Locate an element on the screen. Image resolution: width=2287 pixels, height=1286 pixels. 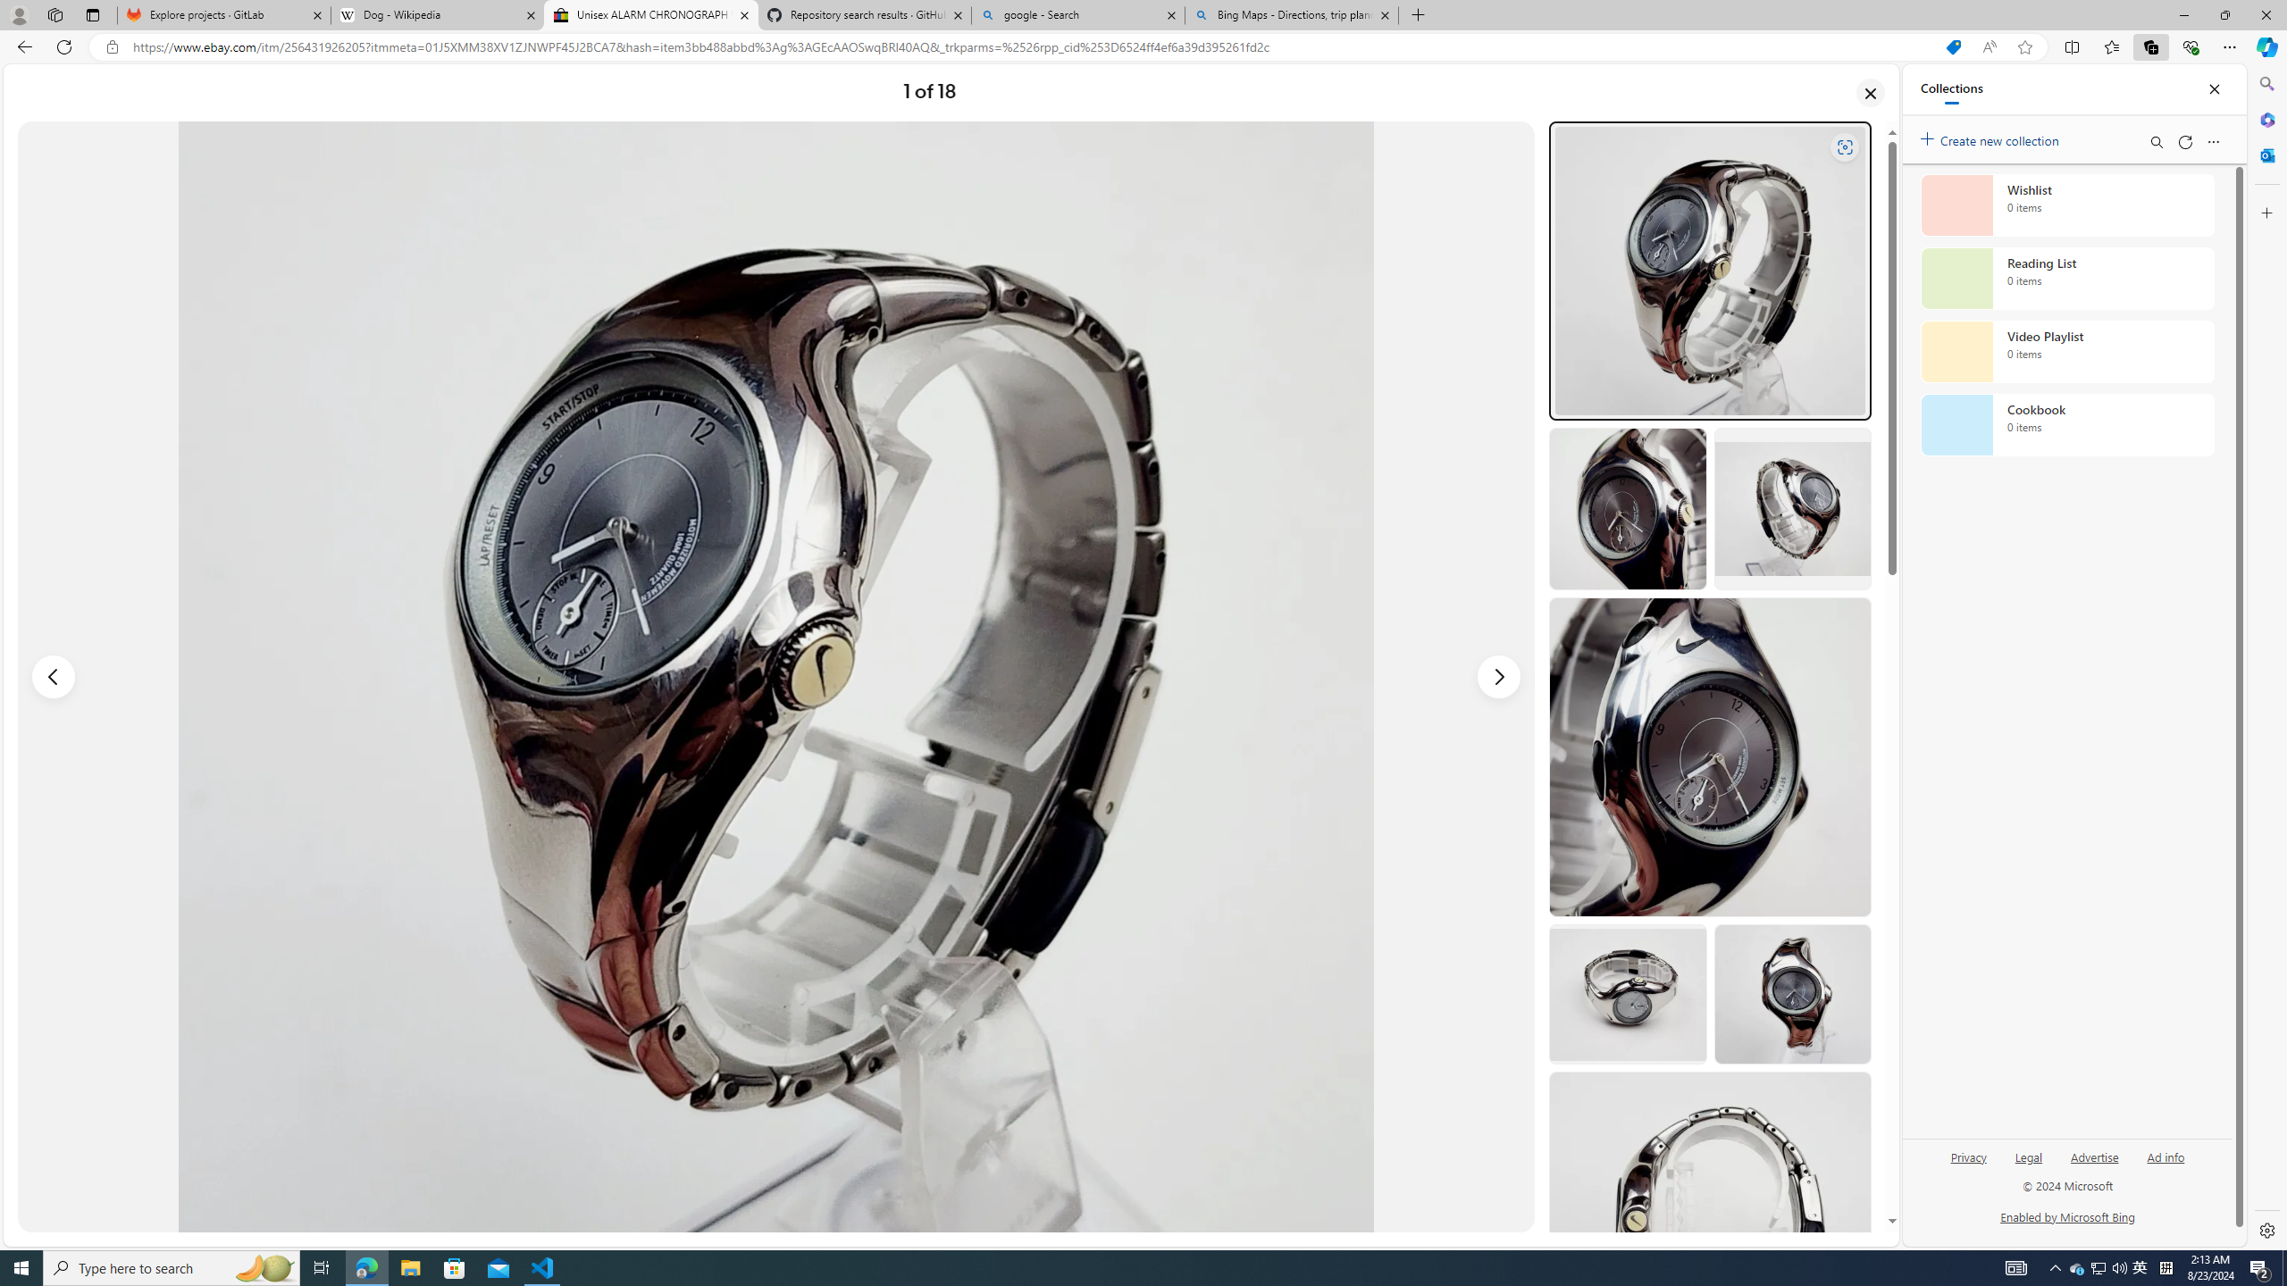
'Legal' is located at coordinates (2028, 1156).